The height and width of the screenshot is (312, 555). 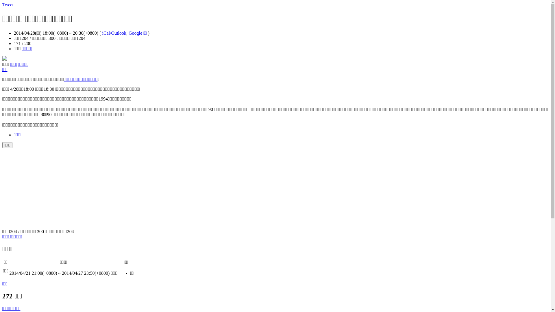 What do you see at coordinates (2, 5) in the screenshot?
I see `'Tweet'` at bounding box center [2, 5].